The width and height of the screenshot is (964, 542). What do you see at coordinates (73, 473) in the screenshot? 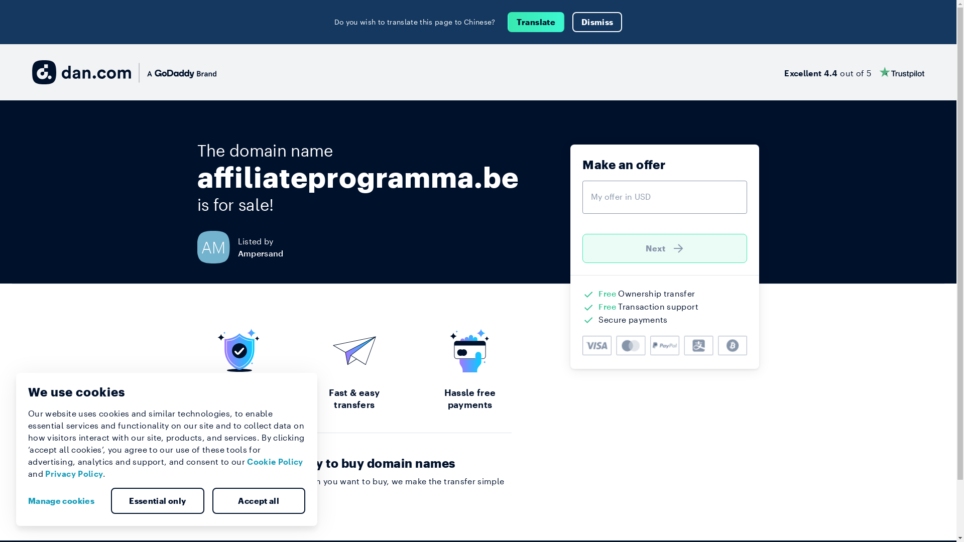
I see `'Privacy Policy'` at bounding box center [73, 473].